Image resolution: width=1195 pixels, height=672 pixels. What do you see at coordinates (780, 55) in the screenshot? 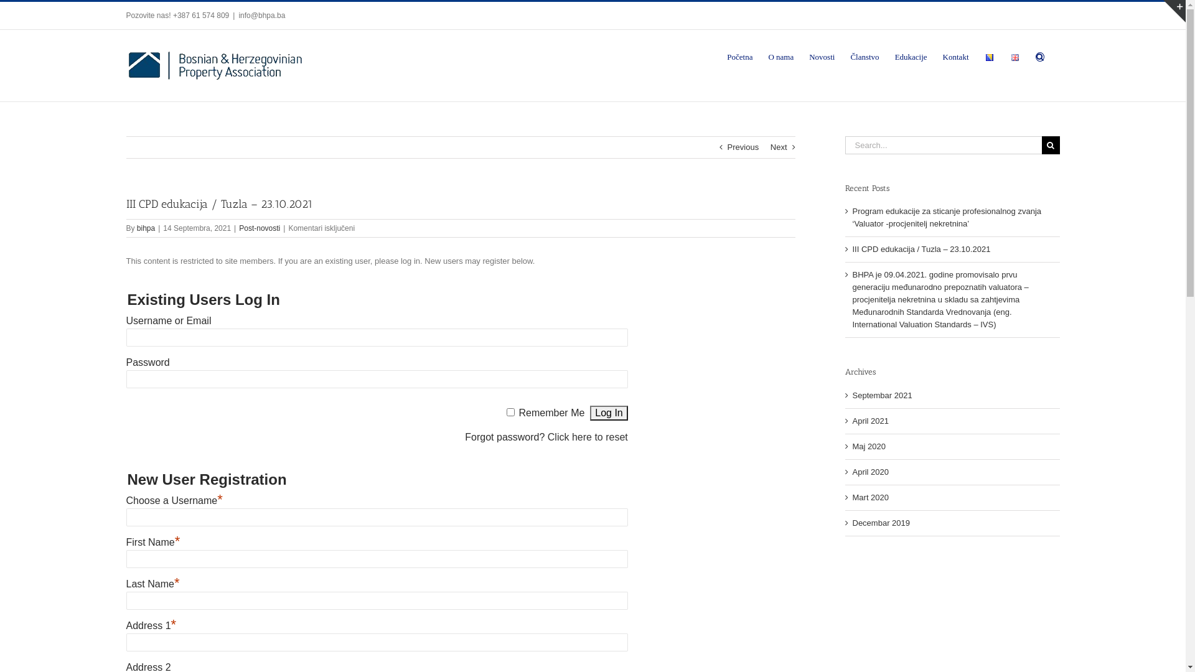
I see `'O nama'` at bounding box center [780, 55].